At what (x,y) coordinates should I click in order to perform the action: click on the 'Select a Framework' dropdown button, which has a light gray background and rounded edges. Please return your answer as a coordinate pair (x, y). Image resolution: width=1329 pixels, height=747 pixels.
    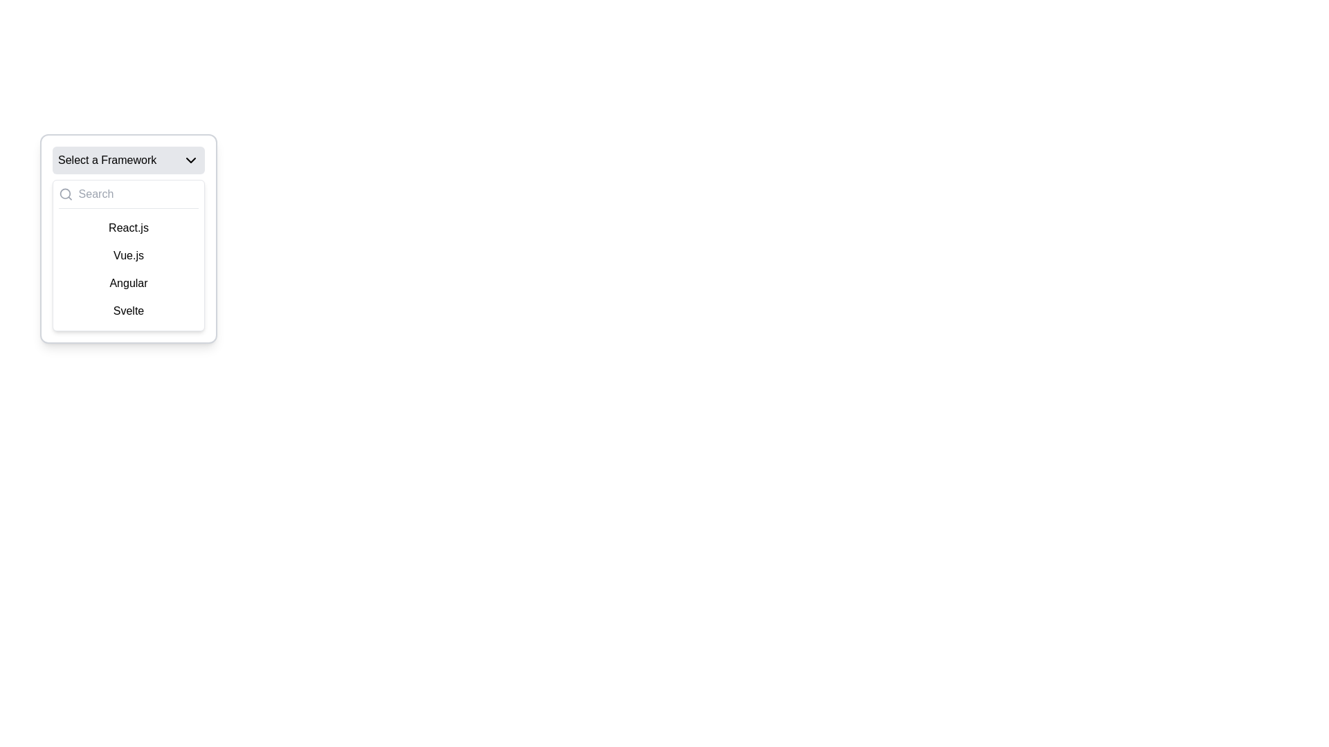
    Looking at the image, I should click on (129, 159).